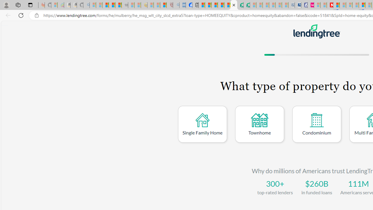 This screenshot has width=373, height=210. What do you see at coordinates (330, 5) in the screenshot?
I see `'Latest Politics News & Archive | Newsweek.com'` at bounding box center [330, 5].